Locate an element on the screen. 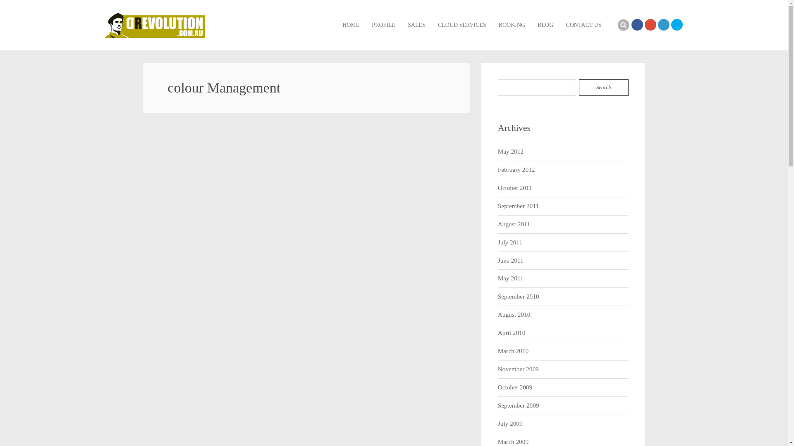 This screenshot has width=794, height=446. 'September 2010' is located at coordinates (497, 296).